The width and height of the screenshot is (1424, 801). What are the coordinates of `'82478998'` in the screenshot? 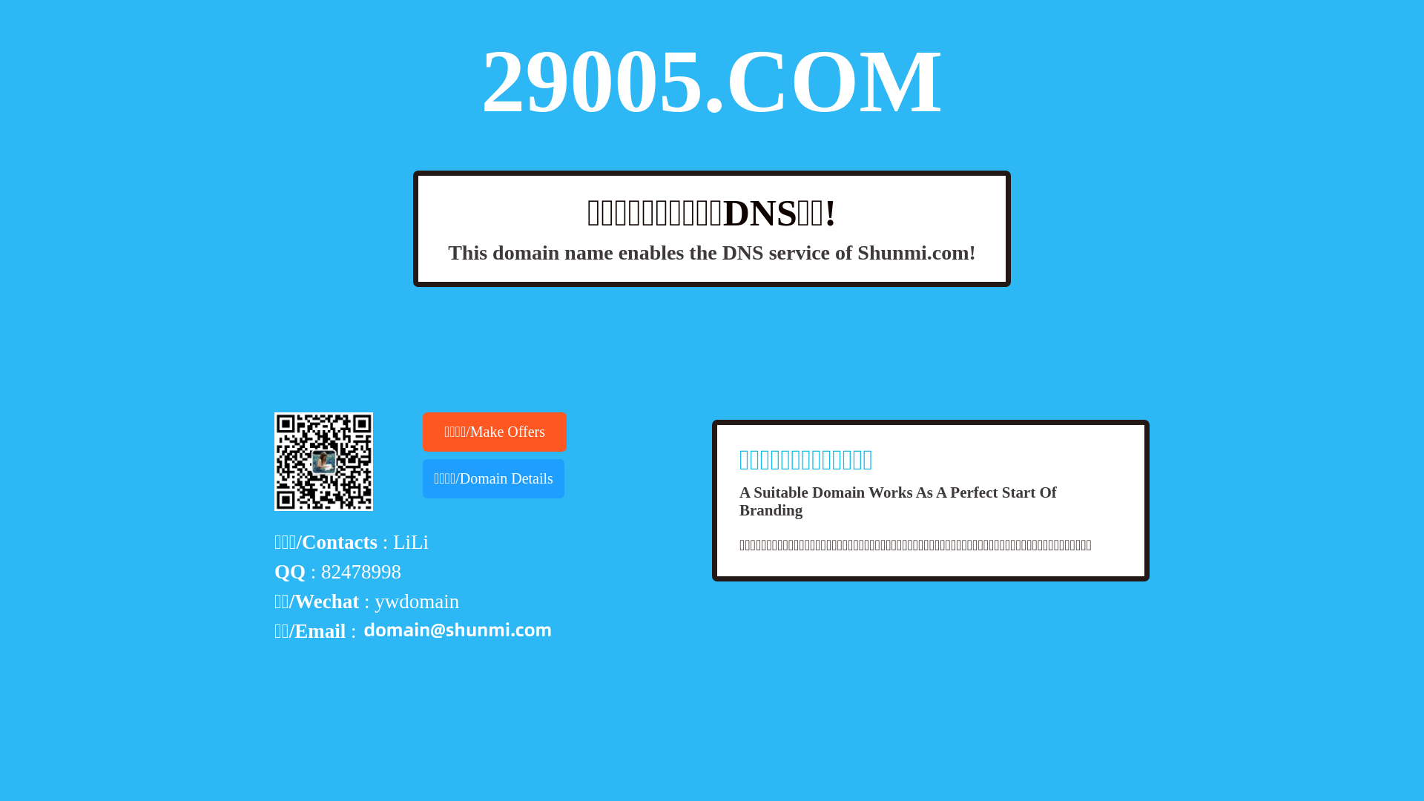 It's located at (360, 571).